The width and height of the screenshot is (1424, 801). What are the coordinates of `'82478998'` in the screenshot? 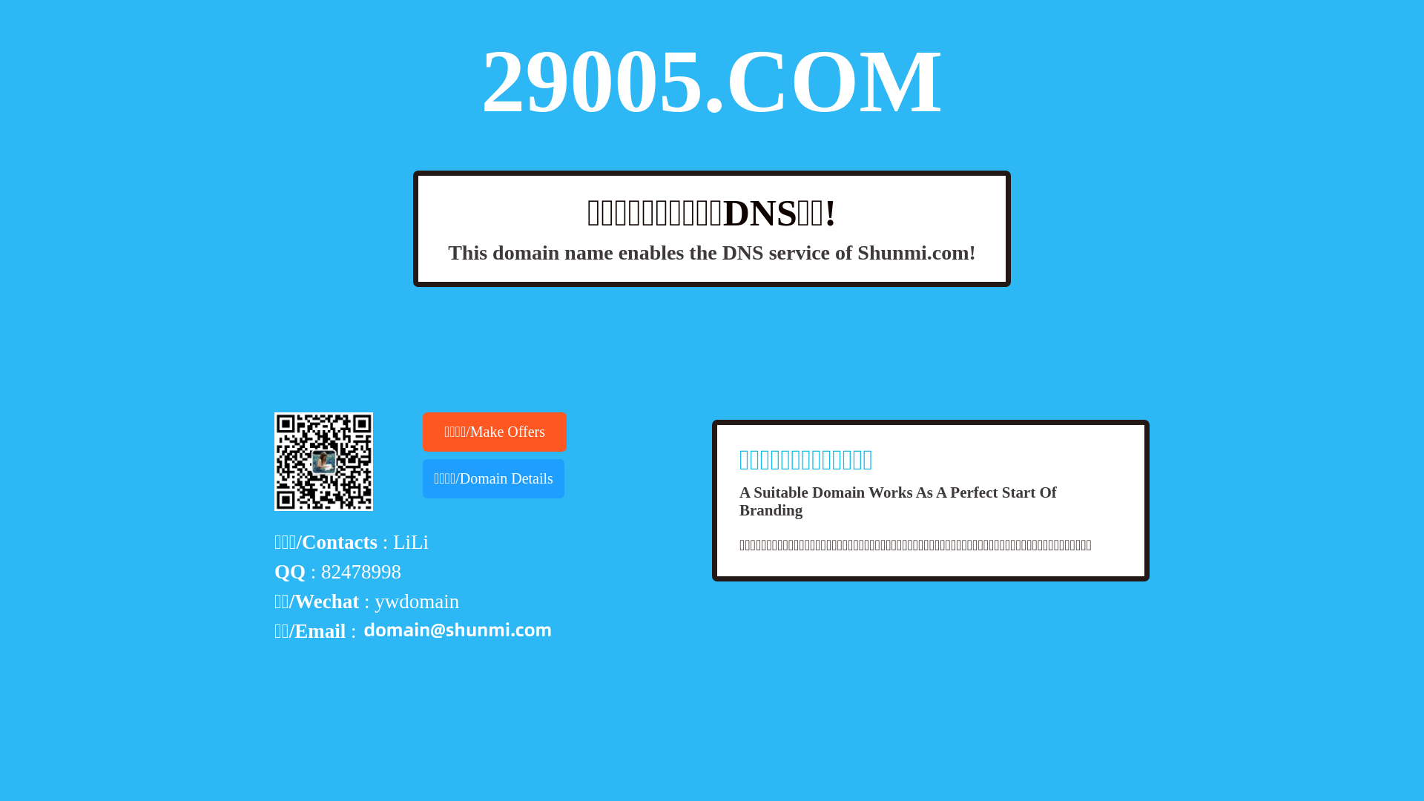 It's located at (360, 571).